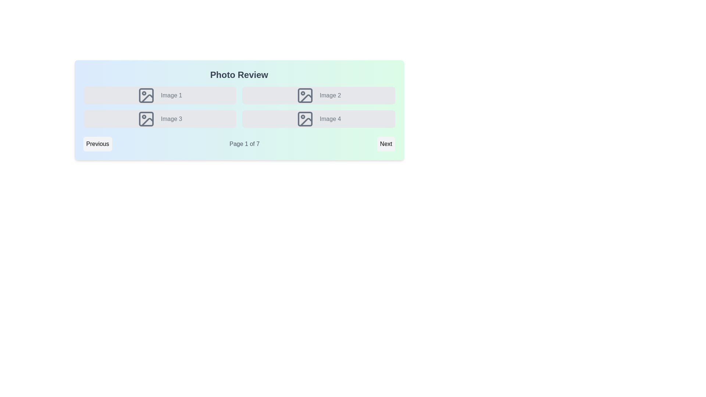 Image resolution: width=706 pixels, height=397 pixels. What do you see at coordinates (171, 119) in the screenshot?
I see `the Text label, which serves` at bounding box center [171, 119].